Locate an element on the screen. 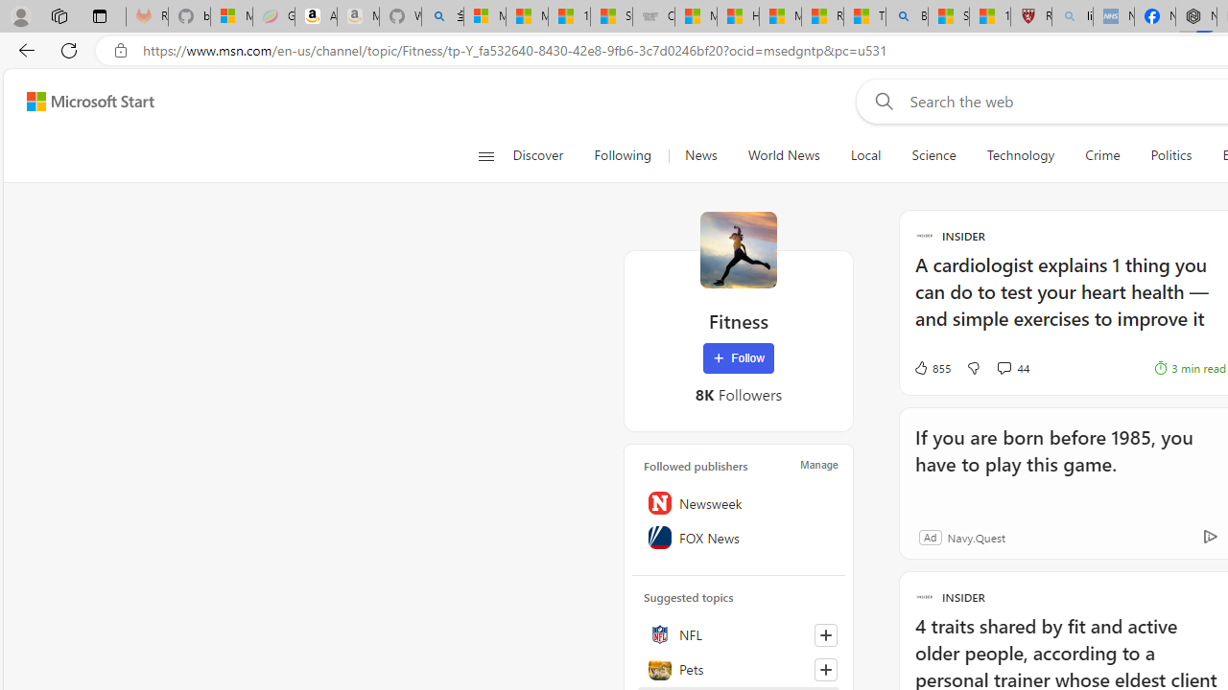 The width and height of the screenshot is (1228, 690). 'Follow this topic' is located at coordinates (825, 669).